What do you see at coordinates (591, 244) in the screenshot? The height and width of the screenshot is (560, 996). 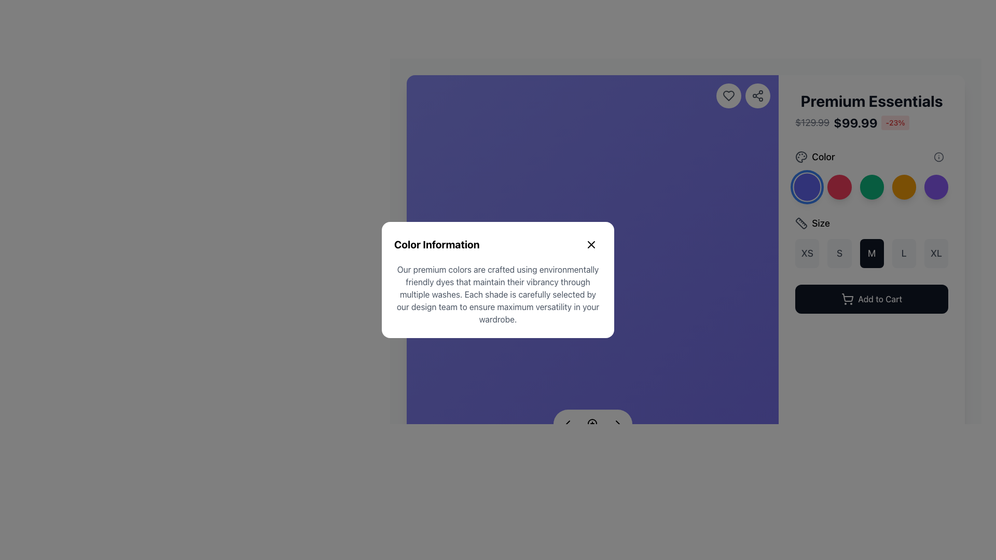 I see `the 'X' button located in the top-right corner of the 'Color Information' pop-up` at bounding box center [591, 244].